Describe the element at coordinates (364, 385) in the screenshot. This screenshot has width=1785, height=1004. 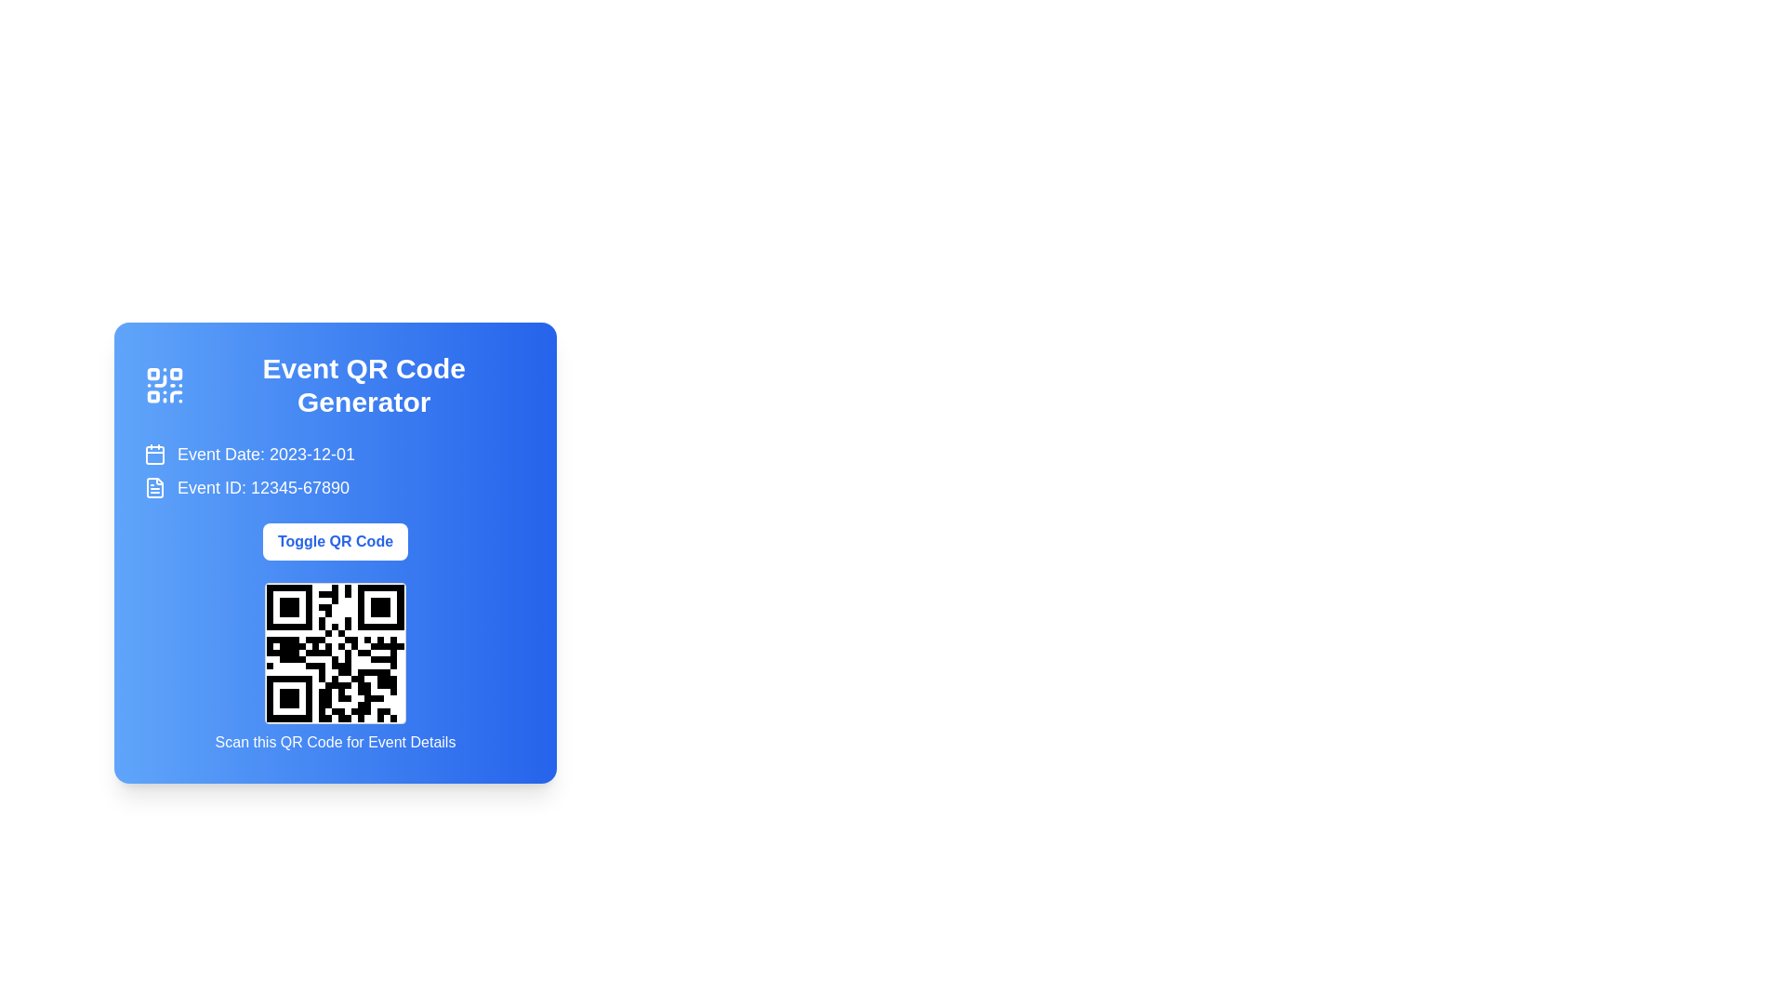
I see `the bold and large header text 'Event QR Code Generator', which is centered at the top of a blue card-like interface` at that location.